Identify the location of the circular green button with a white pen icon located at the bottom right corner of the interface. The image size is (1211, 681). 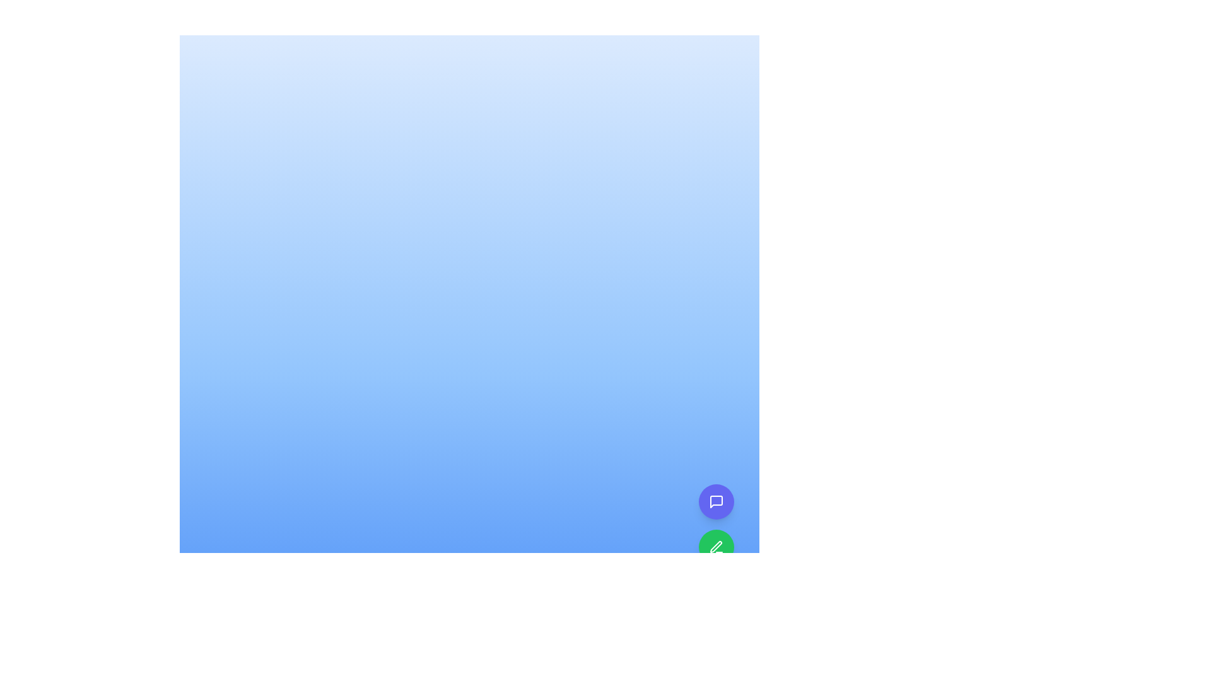
(717, 546).